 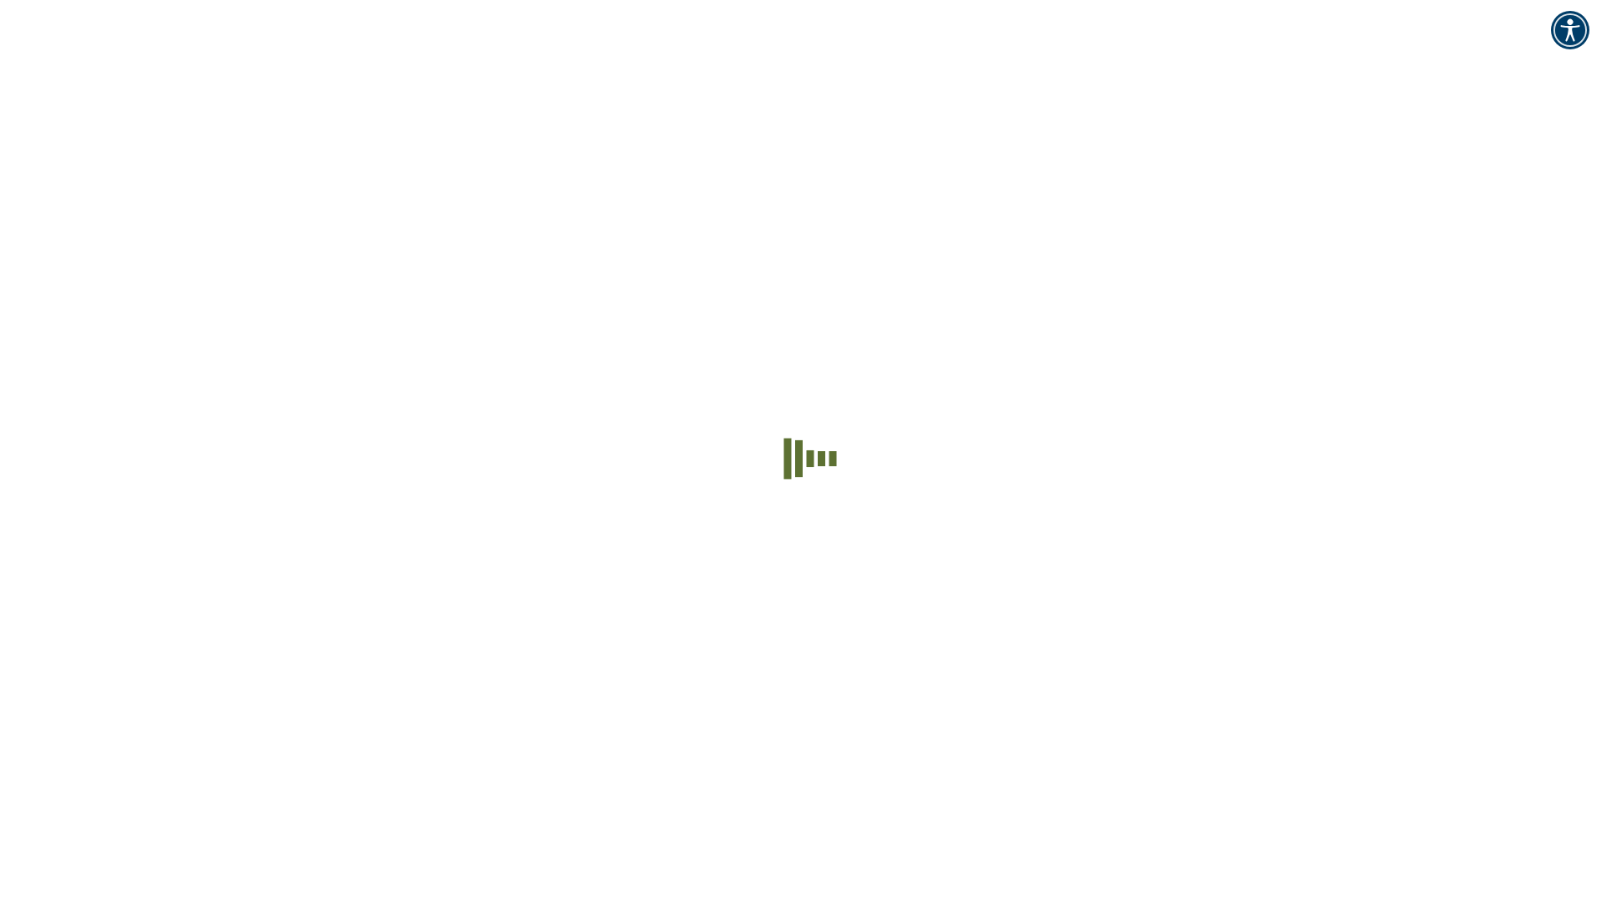 What do you see at coordinates (13, 707) in the screenshot?
I see `'Close (Esc)'` at bounding box center [13, 707].